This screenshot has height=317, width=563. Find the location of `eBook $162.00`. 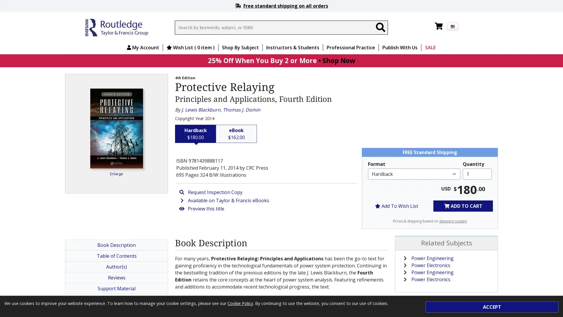

eBook $162.00 is located at coordinates (236, 134).